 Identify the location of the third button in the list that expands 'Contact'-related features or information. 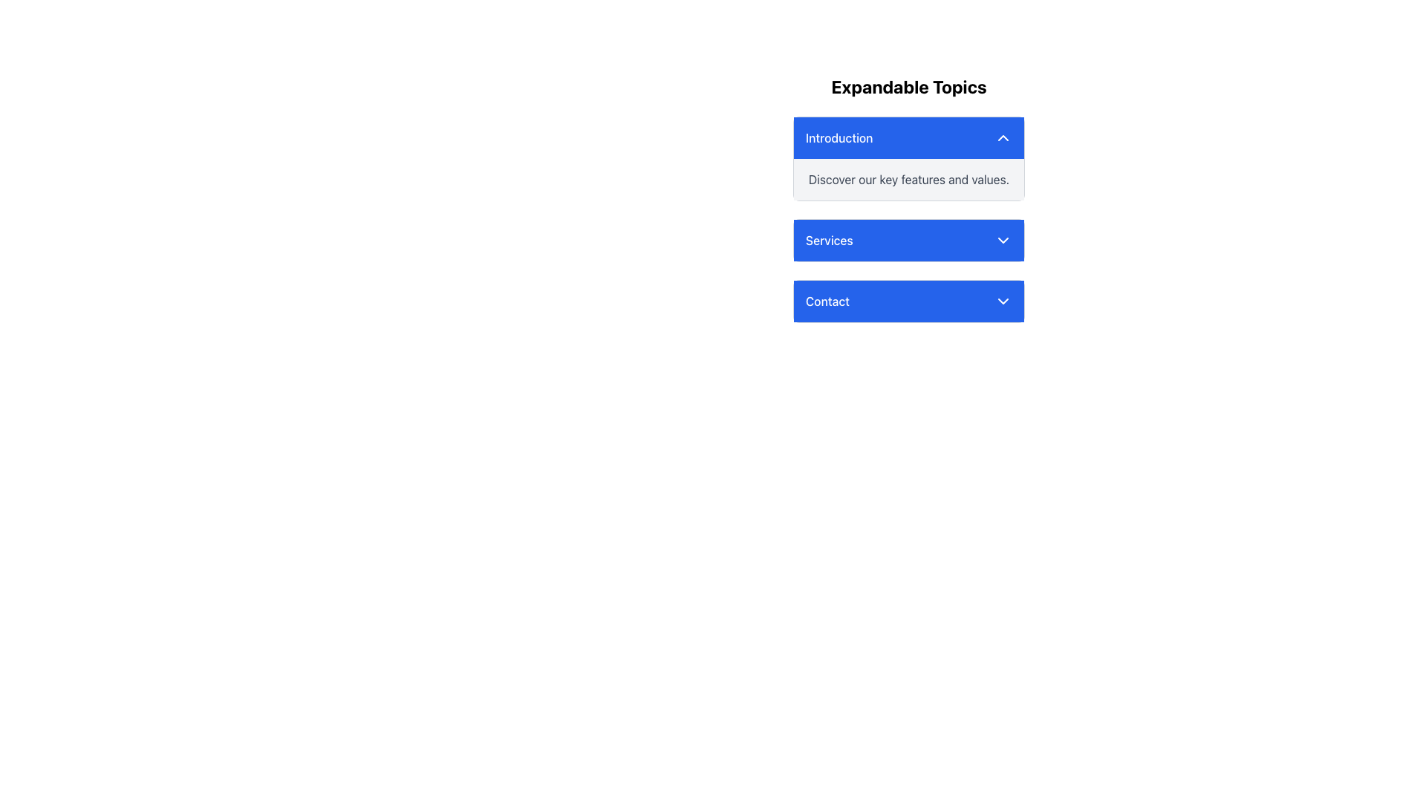
(908, 301).